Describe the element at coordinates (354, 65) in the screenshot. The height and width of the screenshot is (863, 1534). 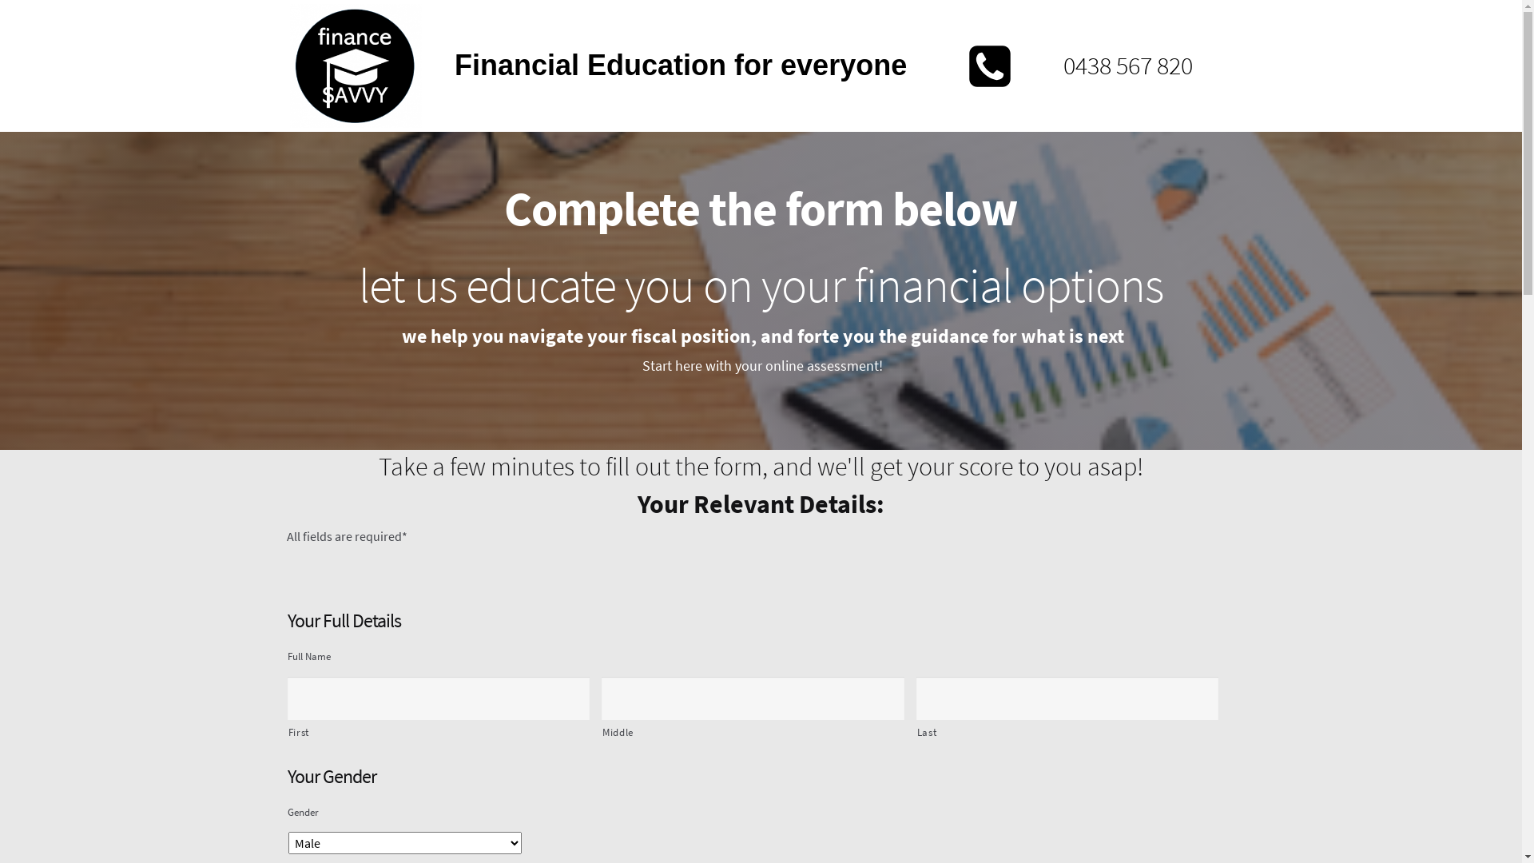
I see `'Finance-Savvy-Logo'` at that location.